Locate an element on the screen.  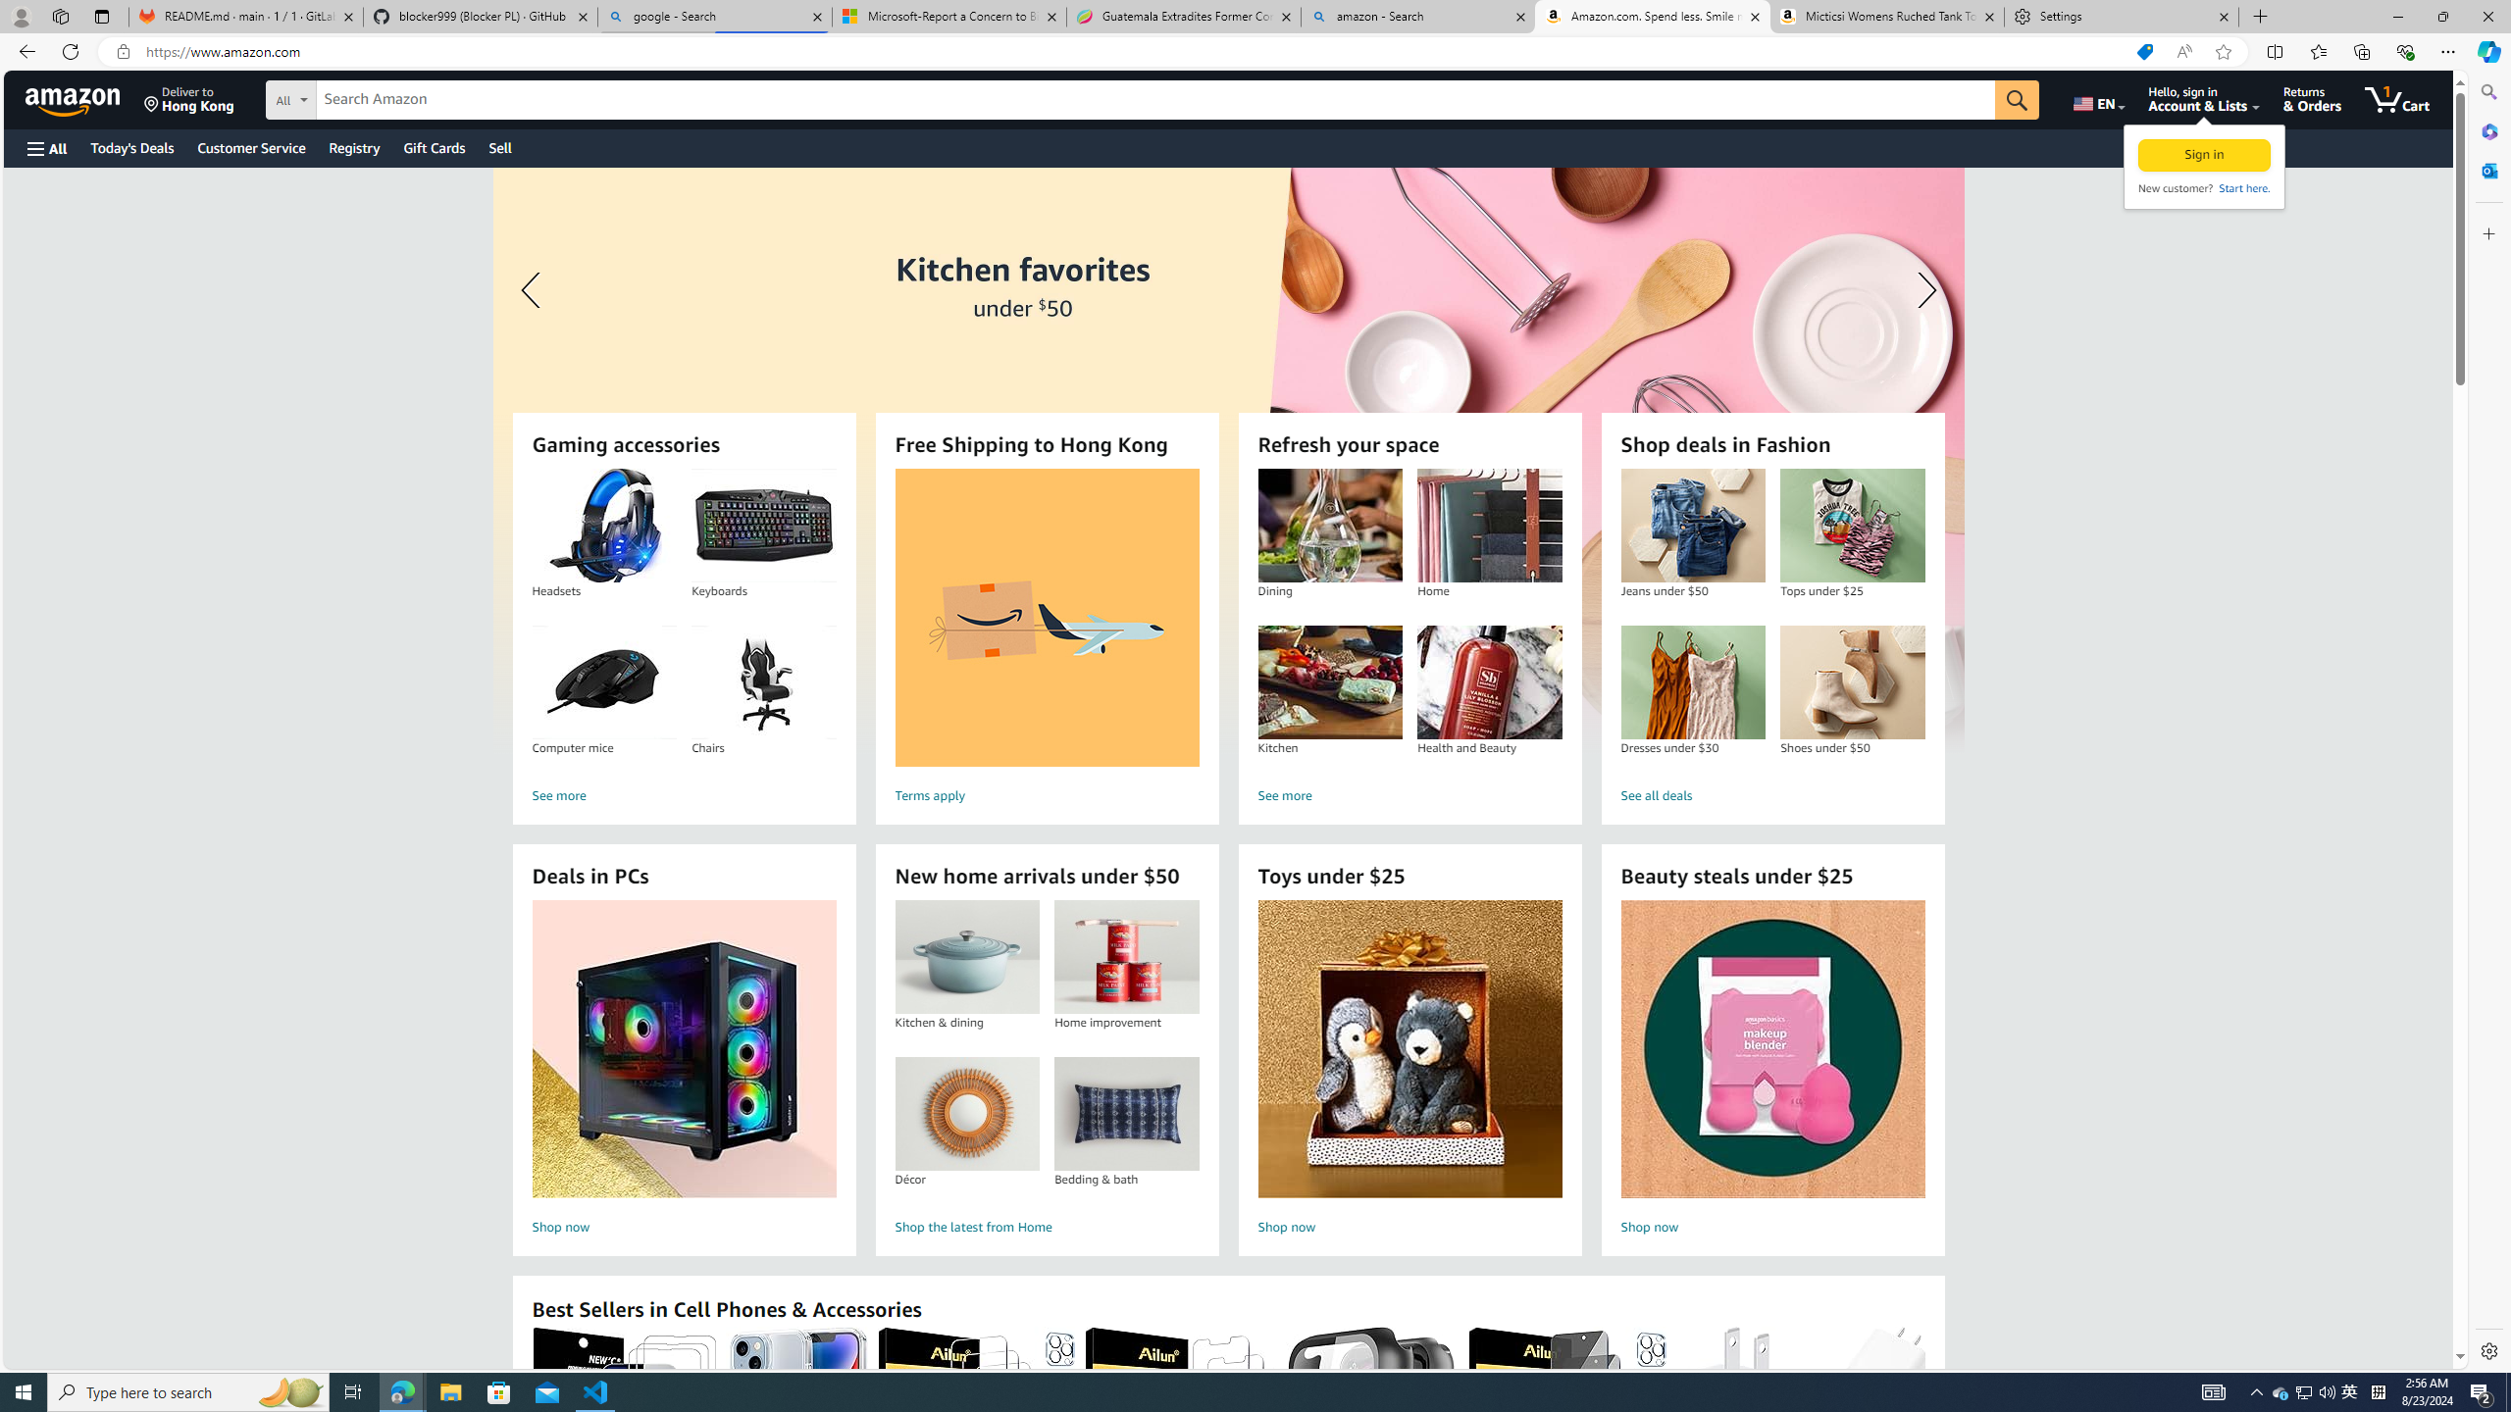
'google - Search' is located at coordinates (715, 16).